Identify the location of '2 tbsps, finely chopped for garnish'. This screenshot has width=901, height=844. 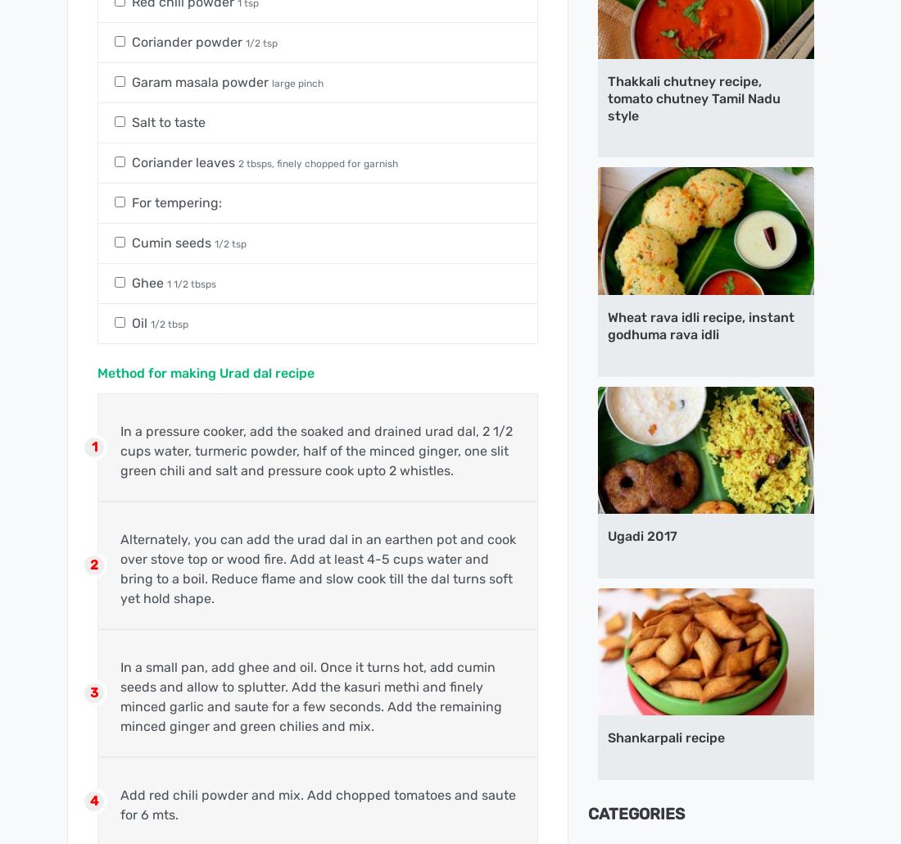
(318, 162).